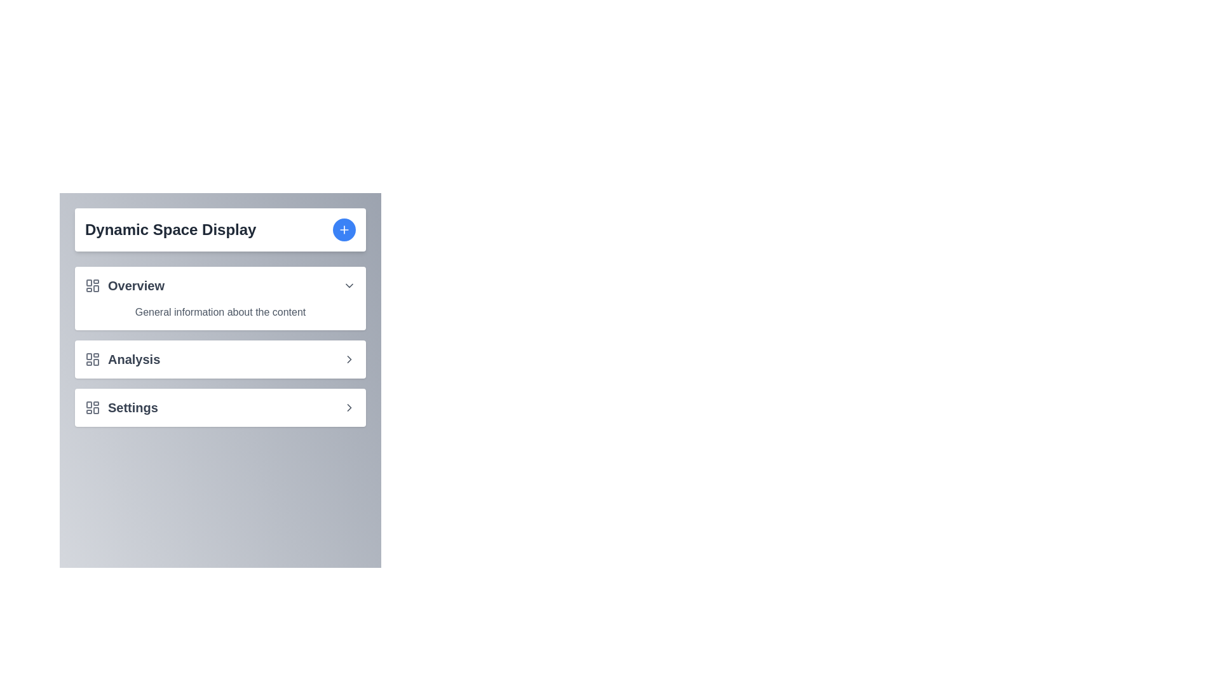  I want to click on the navigation button that accesses the 'Analysis' section, located between 'Overview' and 'Settings', so click(220, 347).